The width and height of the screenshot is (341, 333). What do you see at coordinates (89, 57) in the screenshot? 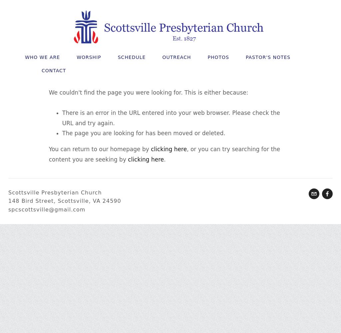
I see `'Worship'` at bounding box center [89, 57].